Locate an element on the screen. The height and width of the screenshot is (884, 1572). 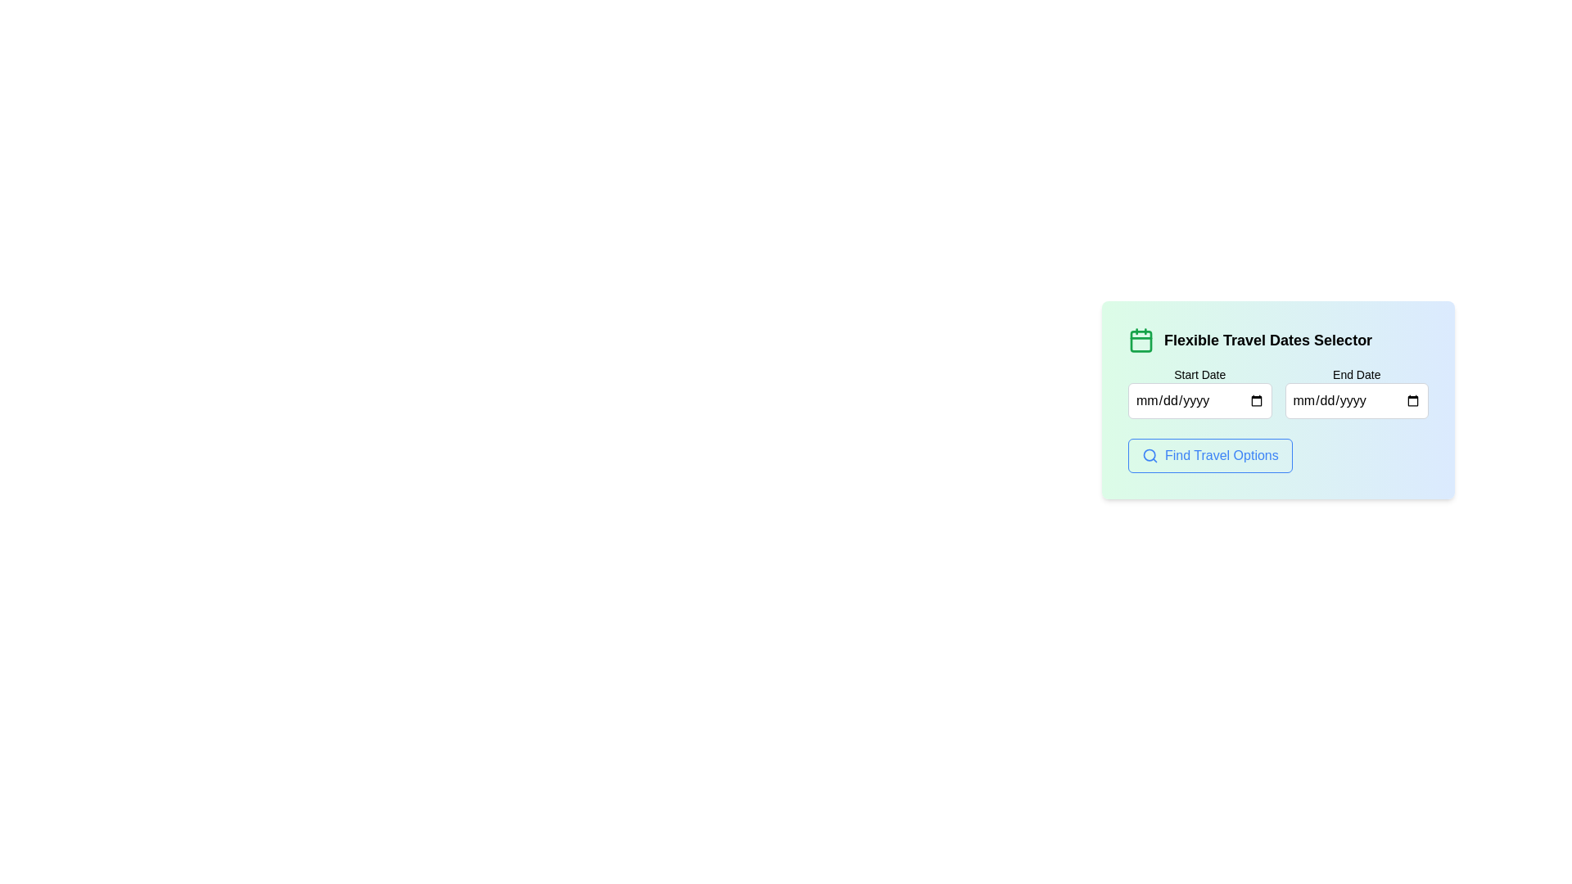
the Date input field, which is styled with a white background and rounded corners, located under the 'Flexible Travel Dates Selector' section, labeled 'End Date' is located at coordinates (1357, 400).